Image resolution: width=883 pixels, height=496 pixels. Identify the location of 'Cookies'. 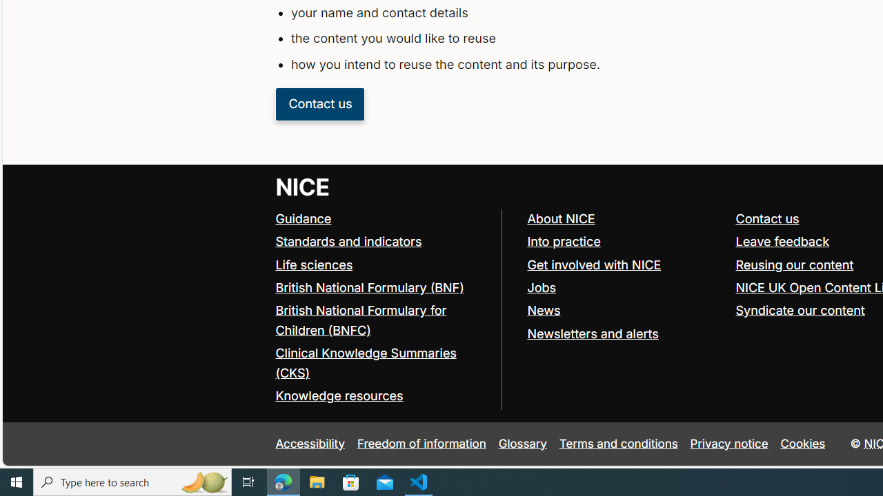
(803, 444).